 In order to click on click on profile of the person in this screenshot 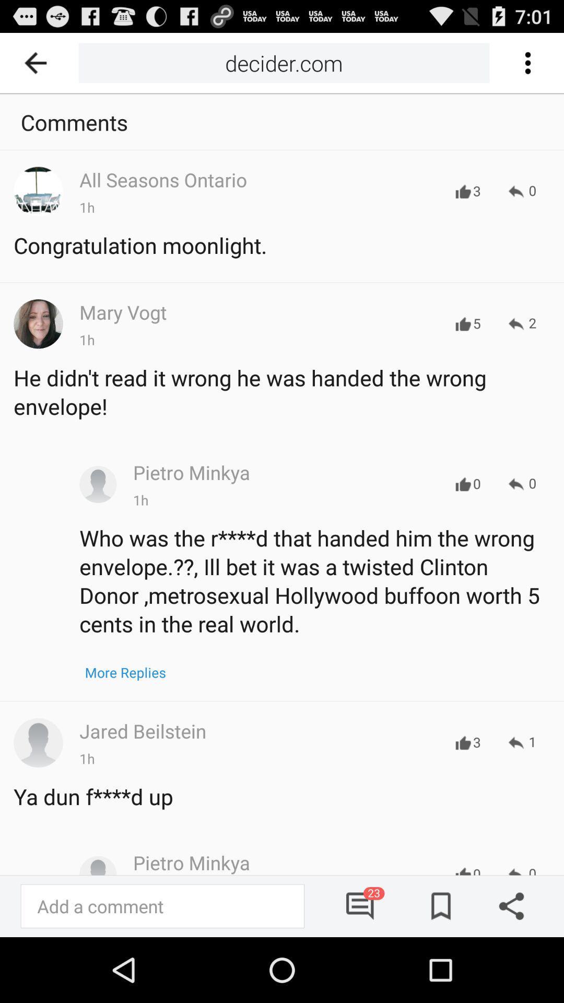, I will do `click(38, 742)`.